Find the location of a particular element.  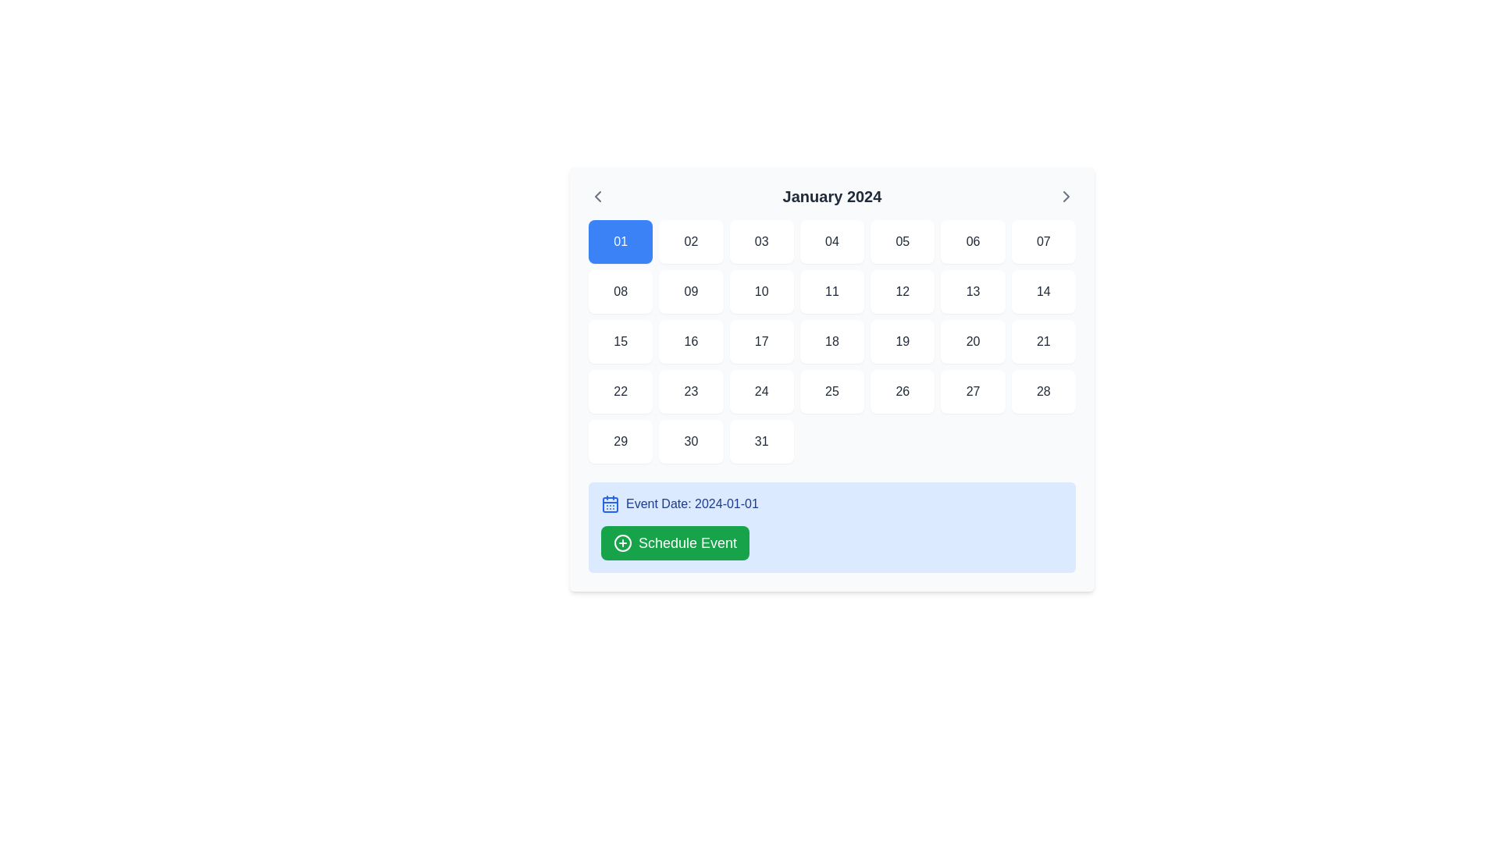

the calendar day button labeled '24' is located at coordinates (761, 390).